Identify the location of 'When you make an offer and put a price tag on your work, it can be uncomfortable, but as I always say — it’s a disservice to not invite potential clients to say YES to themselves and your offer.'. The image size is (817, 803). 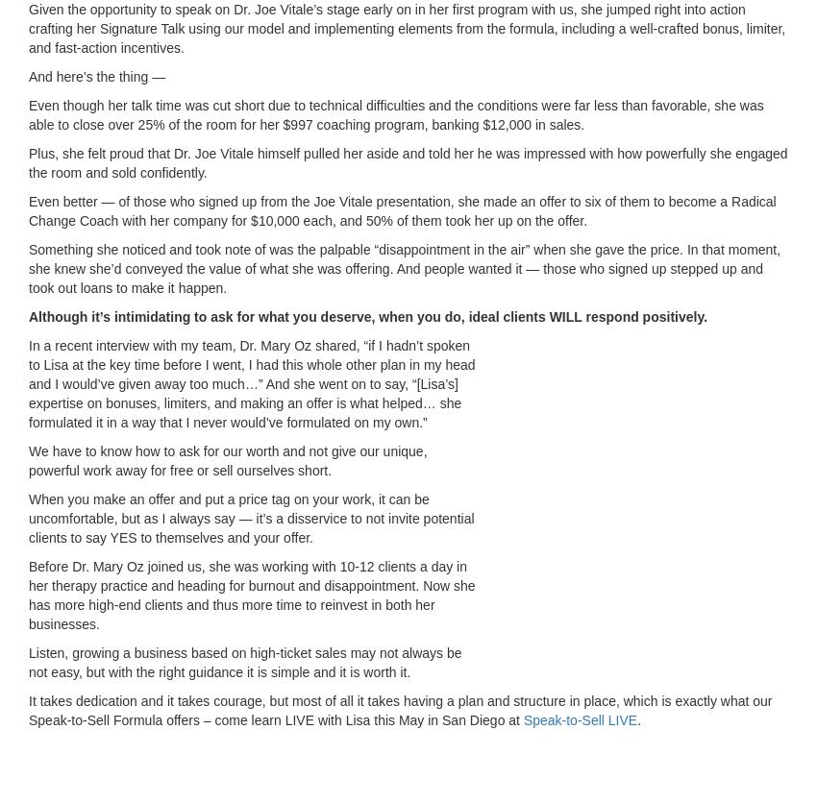
(250, 517).